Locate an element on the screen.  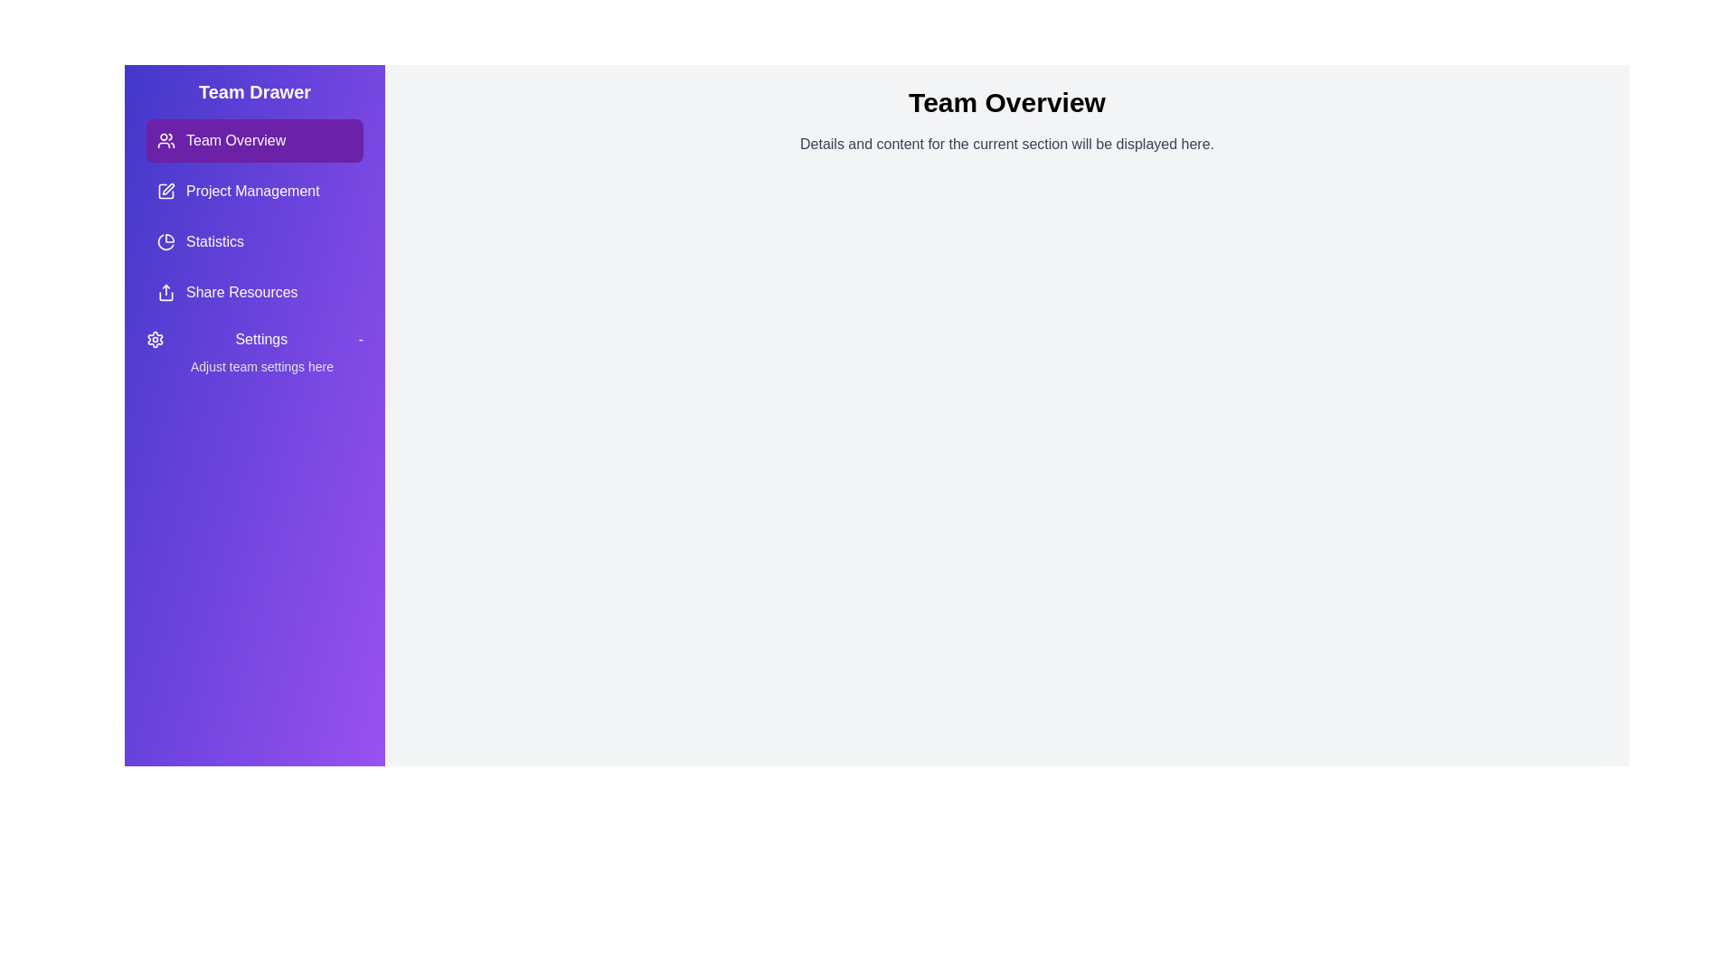
the tab Statistics to switch to that section is located at coordinates (254, 240).